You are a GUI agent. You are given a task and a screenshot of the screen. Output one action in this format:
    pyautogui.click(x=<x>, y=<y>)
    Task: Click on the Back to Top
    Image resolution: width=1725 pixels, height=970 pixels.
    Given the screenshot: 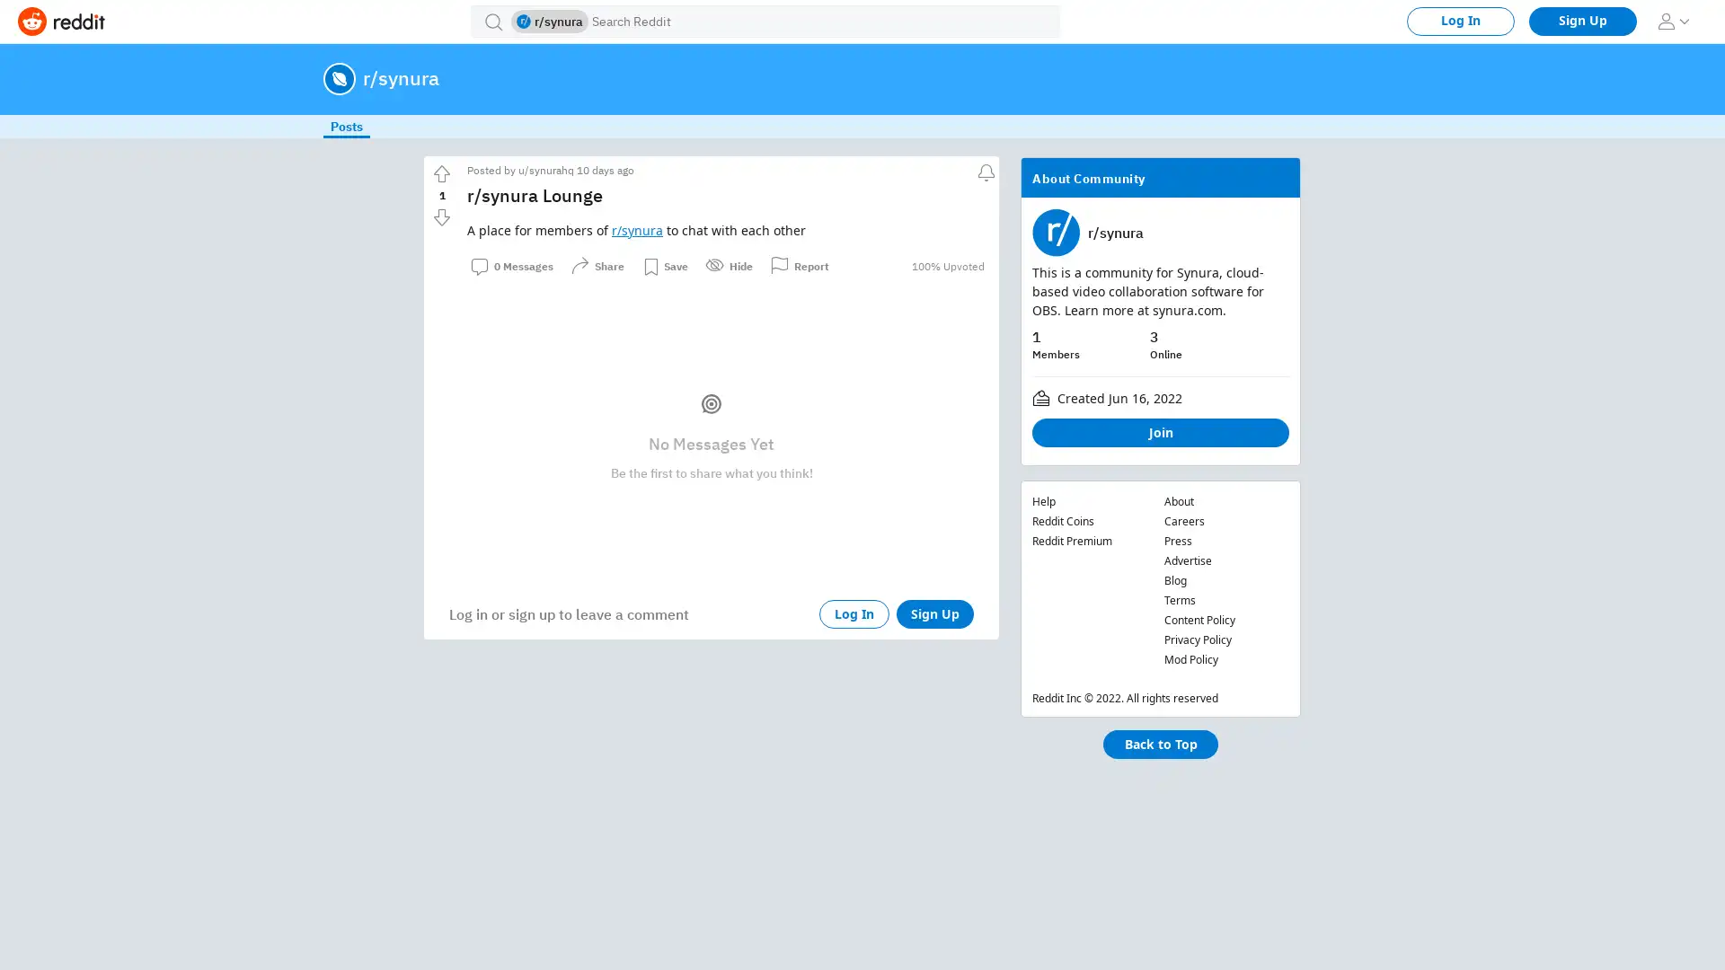 What is the action you would take?
    pyautogui.click(x=1160, y=745)
    